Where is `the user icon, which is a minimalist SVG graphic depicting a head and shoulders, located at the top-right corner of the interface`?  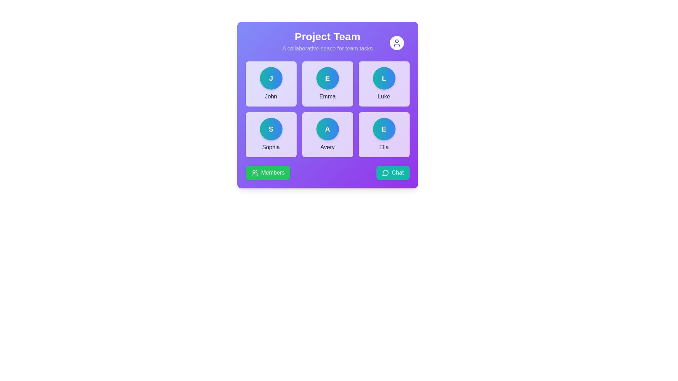 the user icon, which is a minimalist SVG graphic depicting a head and shoulders, located at the top-right corner of the interface is located at coordinates (397, 43).